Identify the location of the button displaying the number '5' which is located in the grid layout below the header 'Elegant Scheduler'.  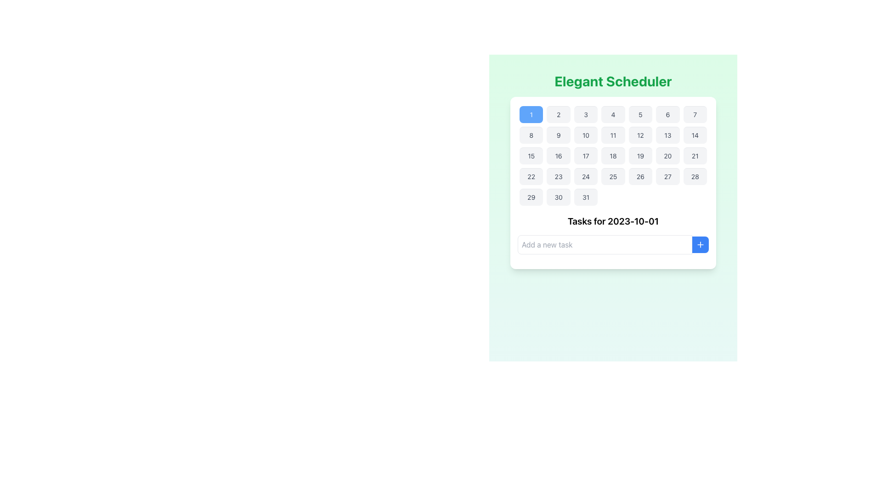
(640, 114).